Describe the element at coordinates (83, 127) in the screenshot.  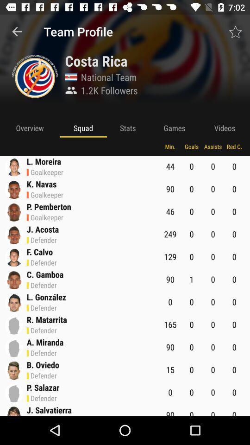
I see `the squad app` at that location.